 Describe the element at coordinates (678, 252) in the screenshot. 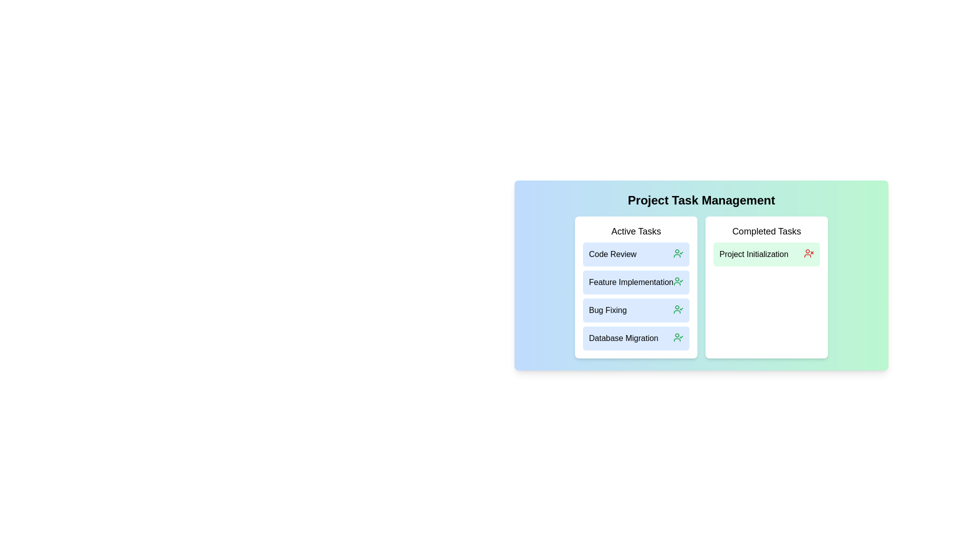

I see `the 'UserCheck' icon associated with the task 'Code Review'` at that location.